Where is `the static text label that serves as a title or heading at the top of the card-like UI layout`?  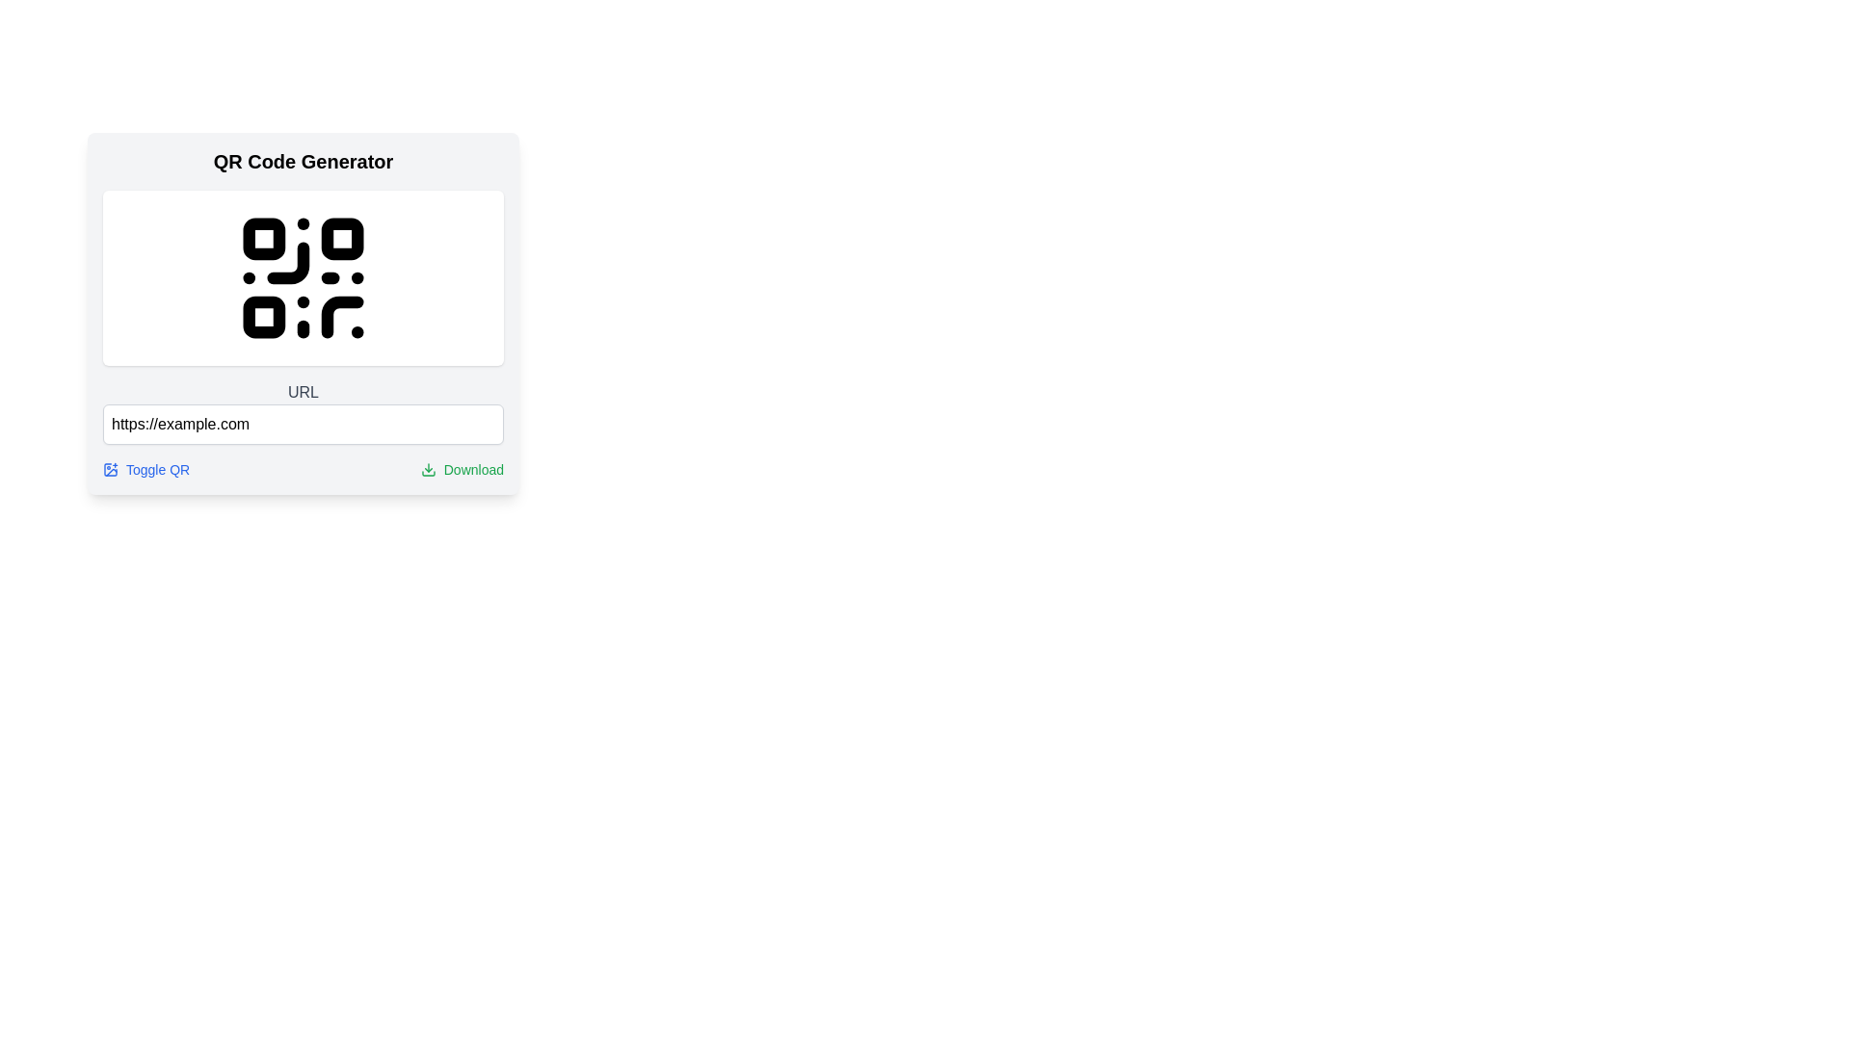 the static text label that serves as a title or heading at the top of the card-like UI layout is located at coordinates (303, 161).